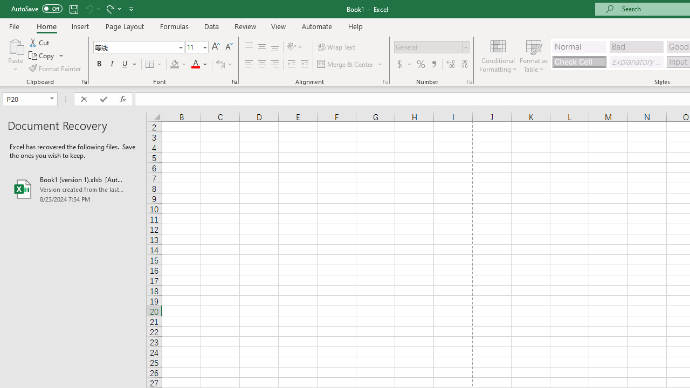 Image resolution: width=690 pixels, height=388 pixels. I want to click on 'Center', so click(261, 64).